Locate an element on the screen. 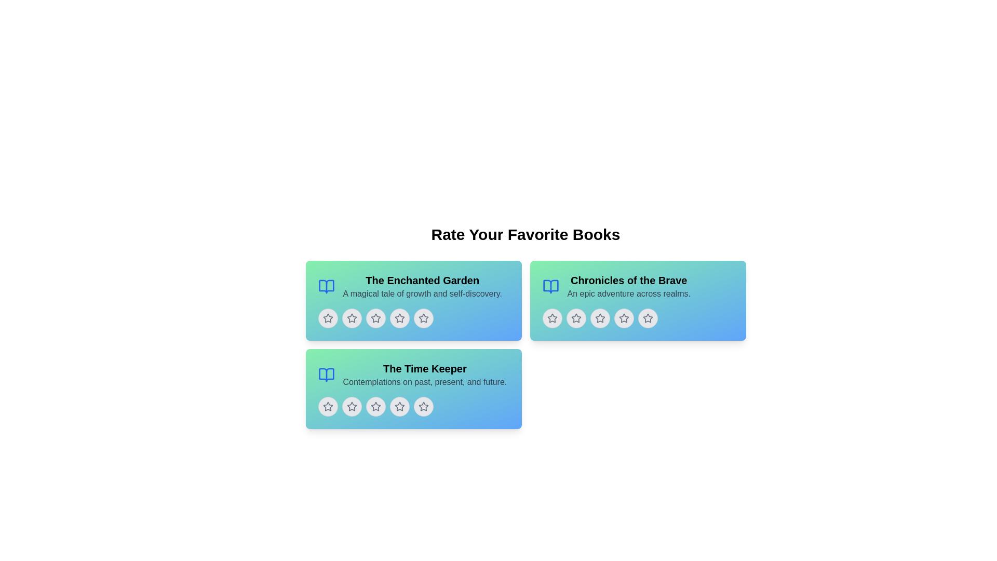 This screenshot has width=997, height=561. the interactive star icons within the Card component titled 'The Time Keeper' is located at coordinates (413, 389).